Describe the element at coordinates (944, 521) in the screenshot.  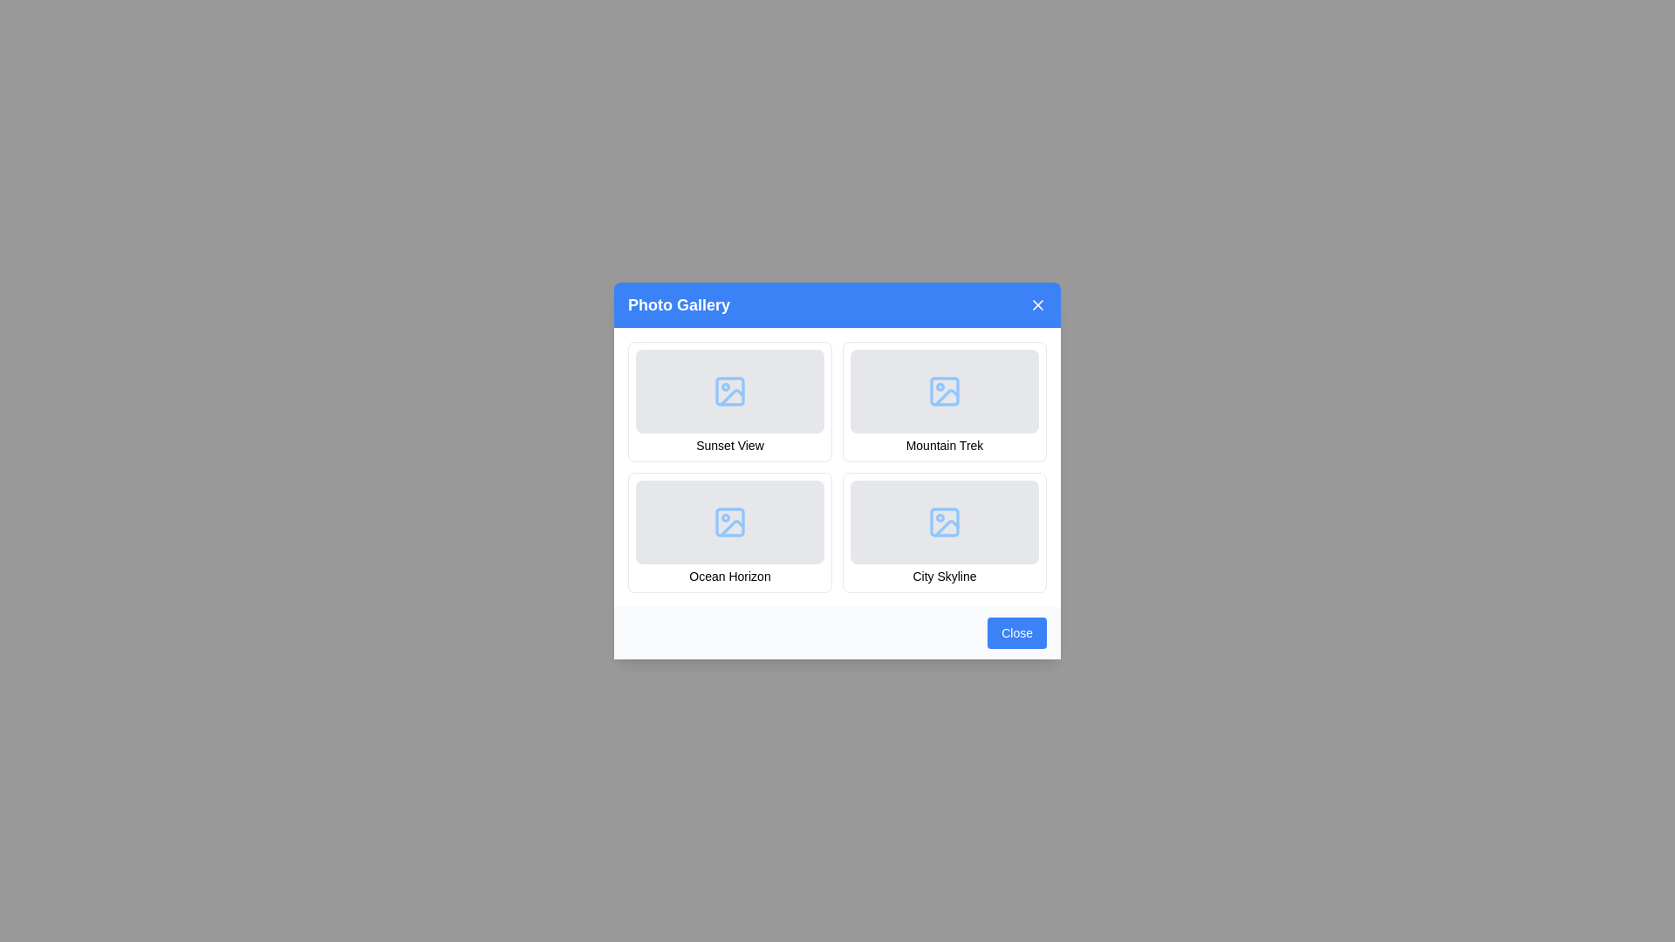
I see `the image icon in the 'City Skyline' section of the 'Photo Gallery' dialog` at that location.